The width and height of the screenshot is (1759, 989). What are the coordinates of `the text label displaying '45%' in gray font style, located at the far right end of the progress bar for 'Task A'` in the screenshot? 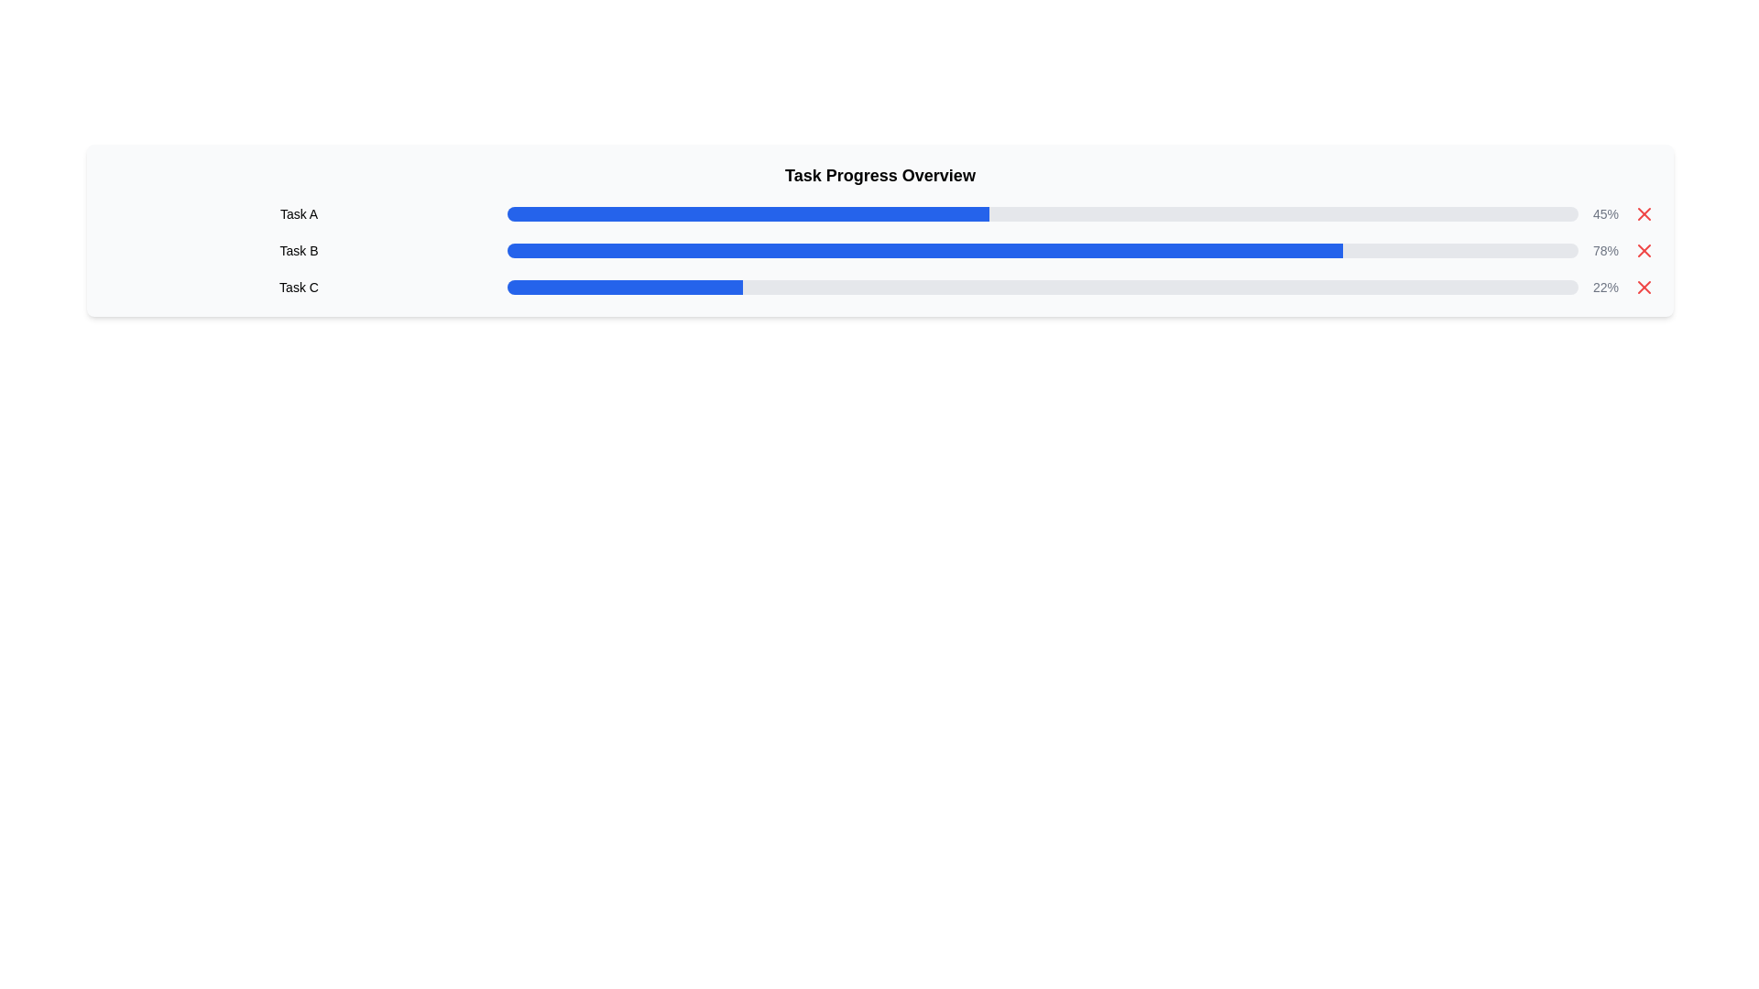 It's located at (1604, 213).